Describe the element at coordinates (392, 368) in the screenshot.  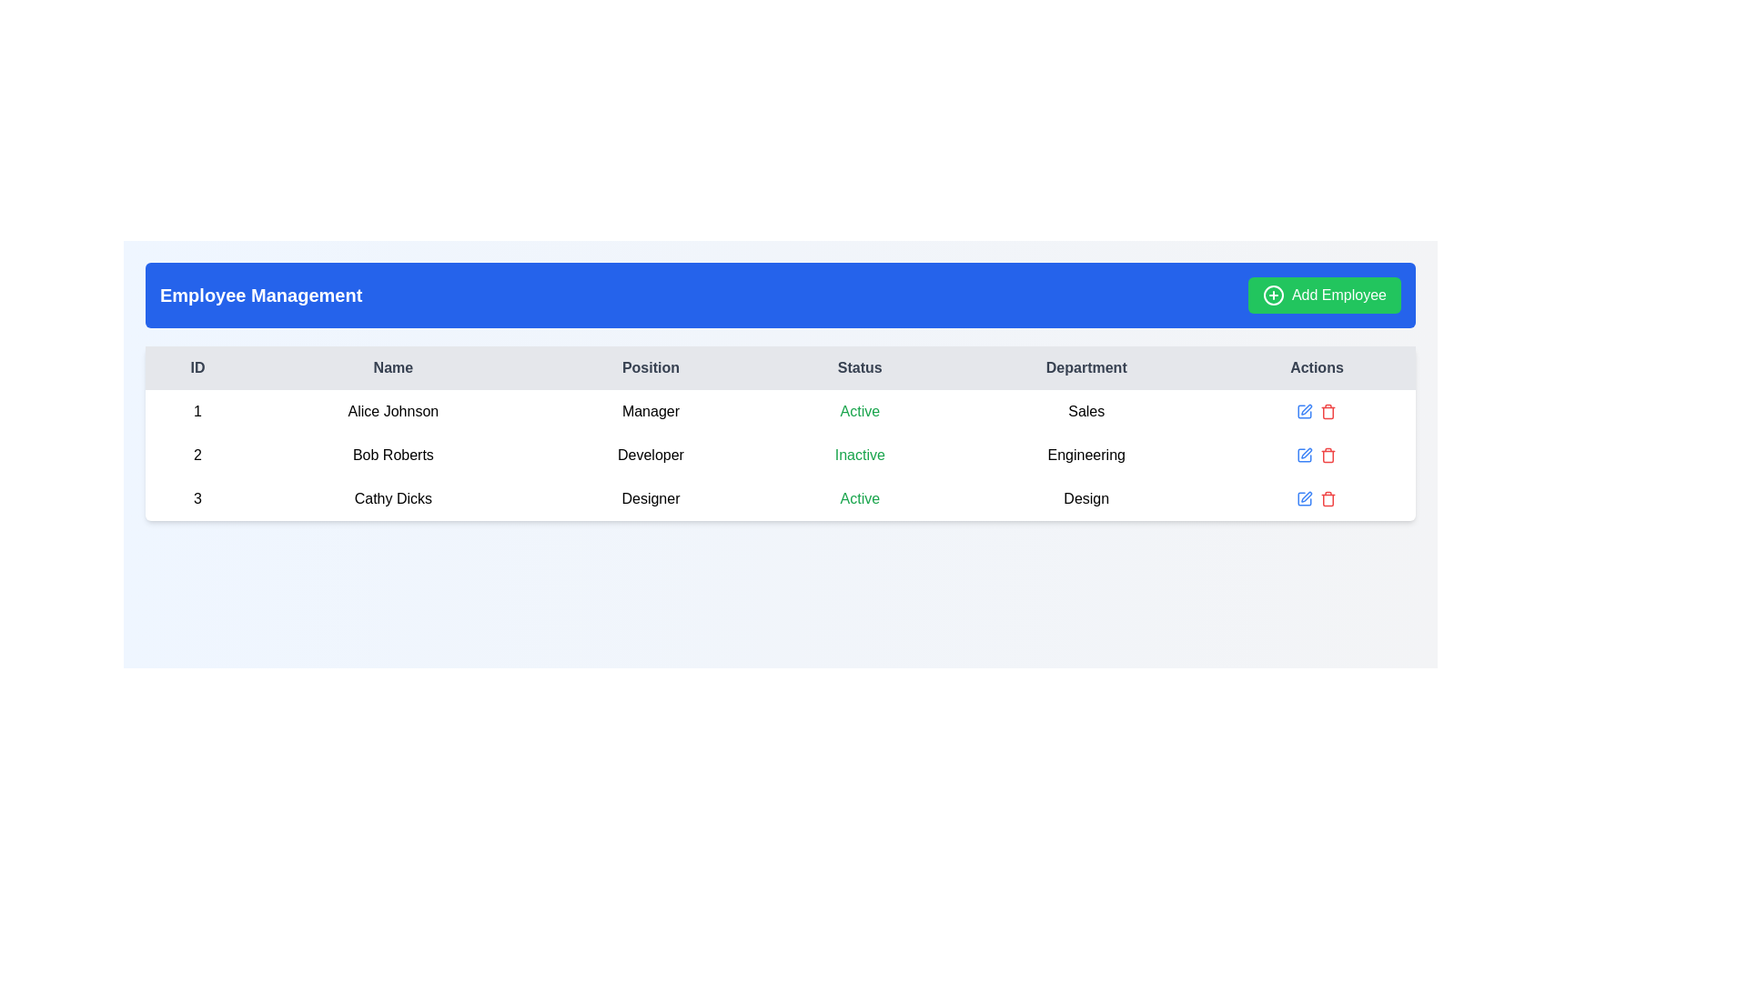
I see `the 'Name' static text label located in the header row of the table, which is the second column header following the 'ID' column and preceding the 'Position' column` at that location.